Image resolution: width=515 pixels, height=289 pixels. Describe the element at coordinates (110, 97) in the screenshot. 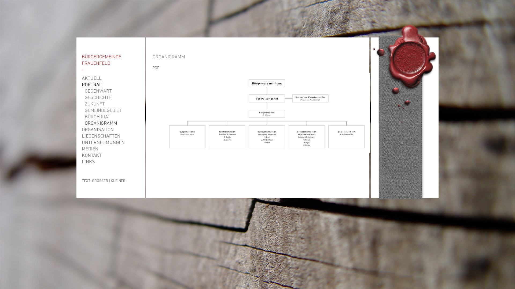

I see `'GESCHICHTE'` at that location.